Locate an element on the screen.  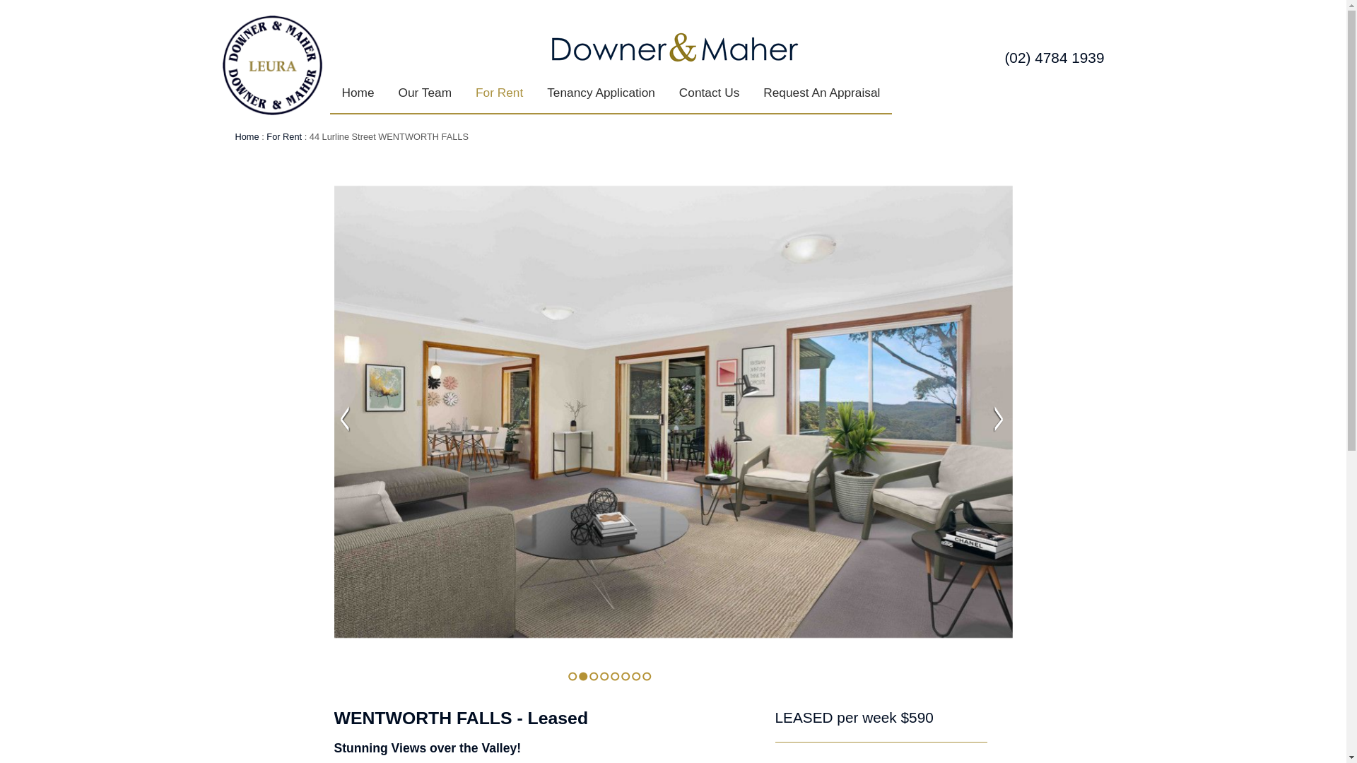
'5' is located at coordinates (615, 675).